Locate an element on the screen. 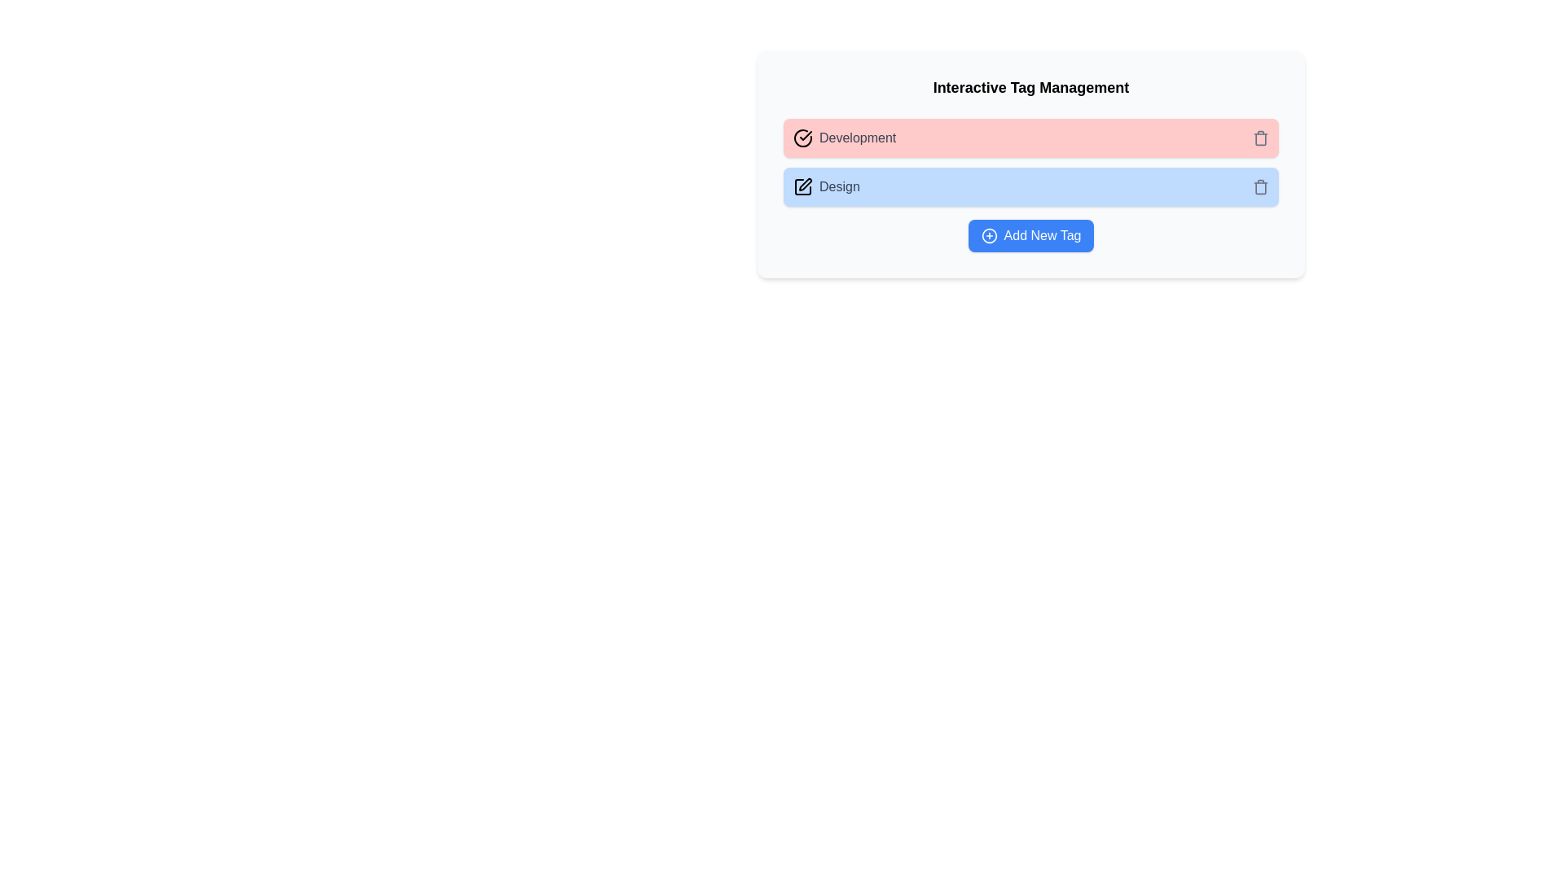  the 'Development' text label, which is the first tag in the 'Interactive Tag Management' group is located at coordinates (857, 137).